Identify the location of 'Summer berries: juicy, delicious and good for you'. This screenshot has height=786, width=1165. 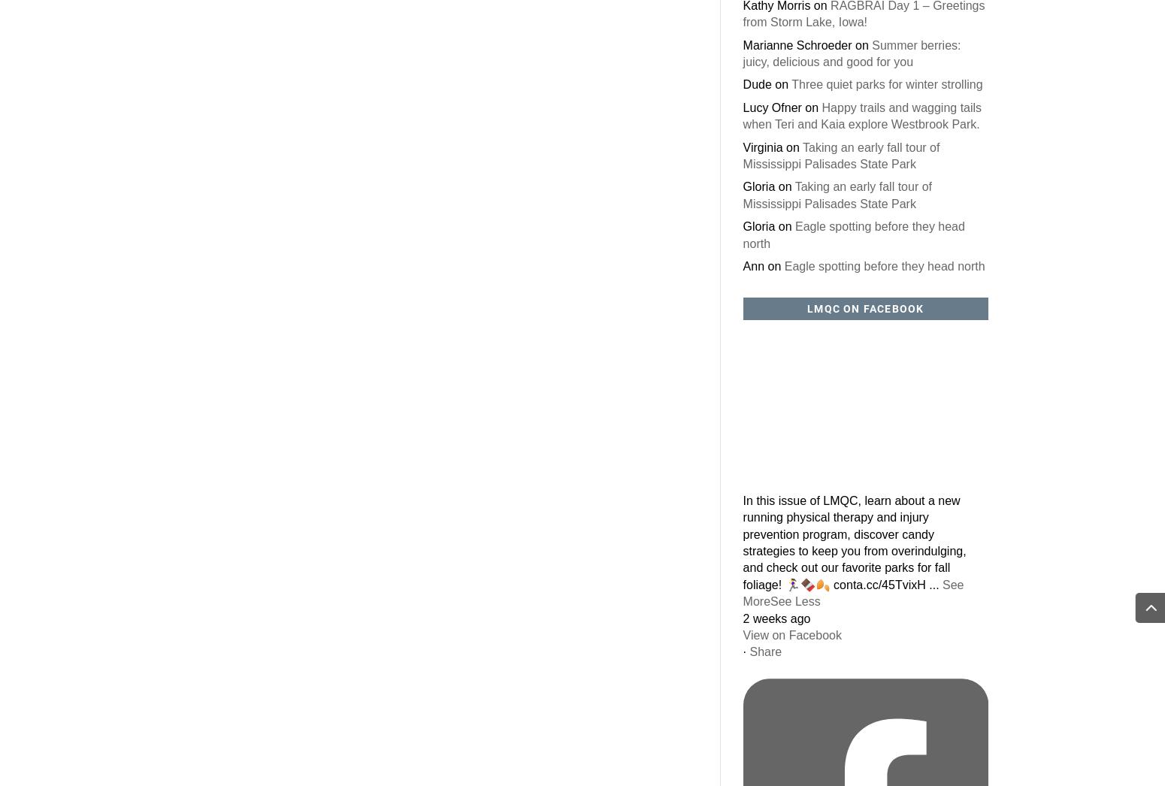
(851, 53).